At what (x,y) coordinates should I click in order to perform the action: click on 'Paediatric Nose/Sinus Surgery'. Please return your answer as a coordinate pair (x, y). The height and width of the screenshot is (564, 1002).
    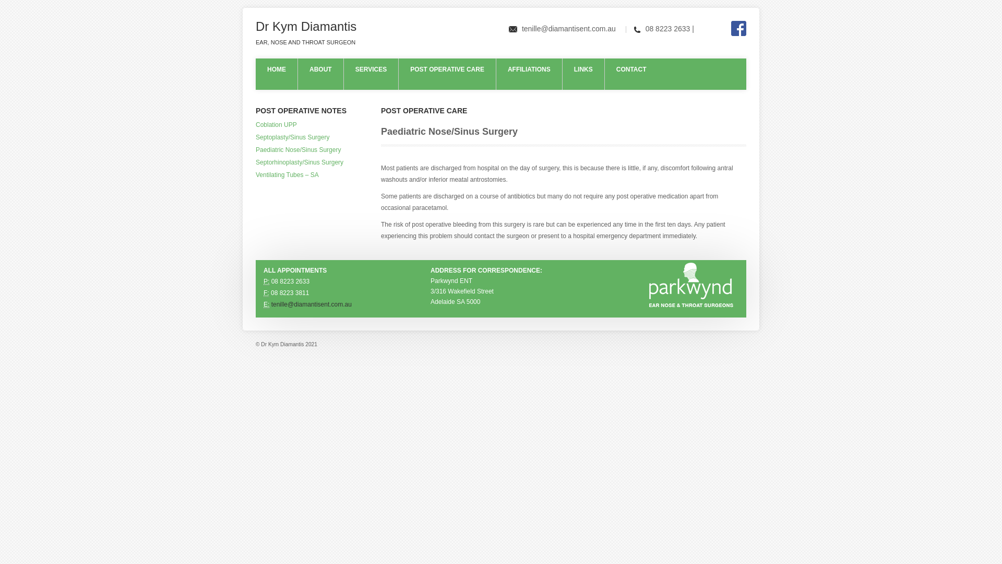
    Looking at the image, I should click on (297, 149).